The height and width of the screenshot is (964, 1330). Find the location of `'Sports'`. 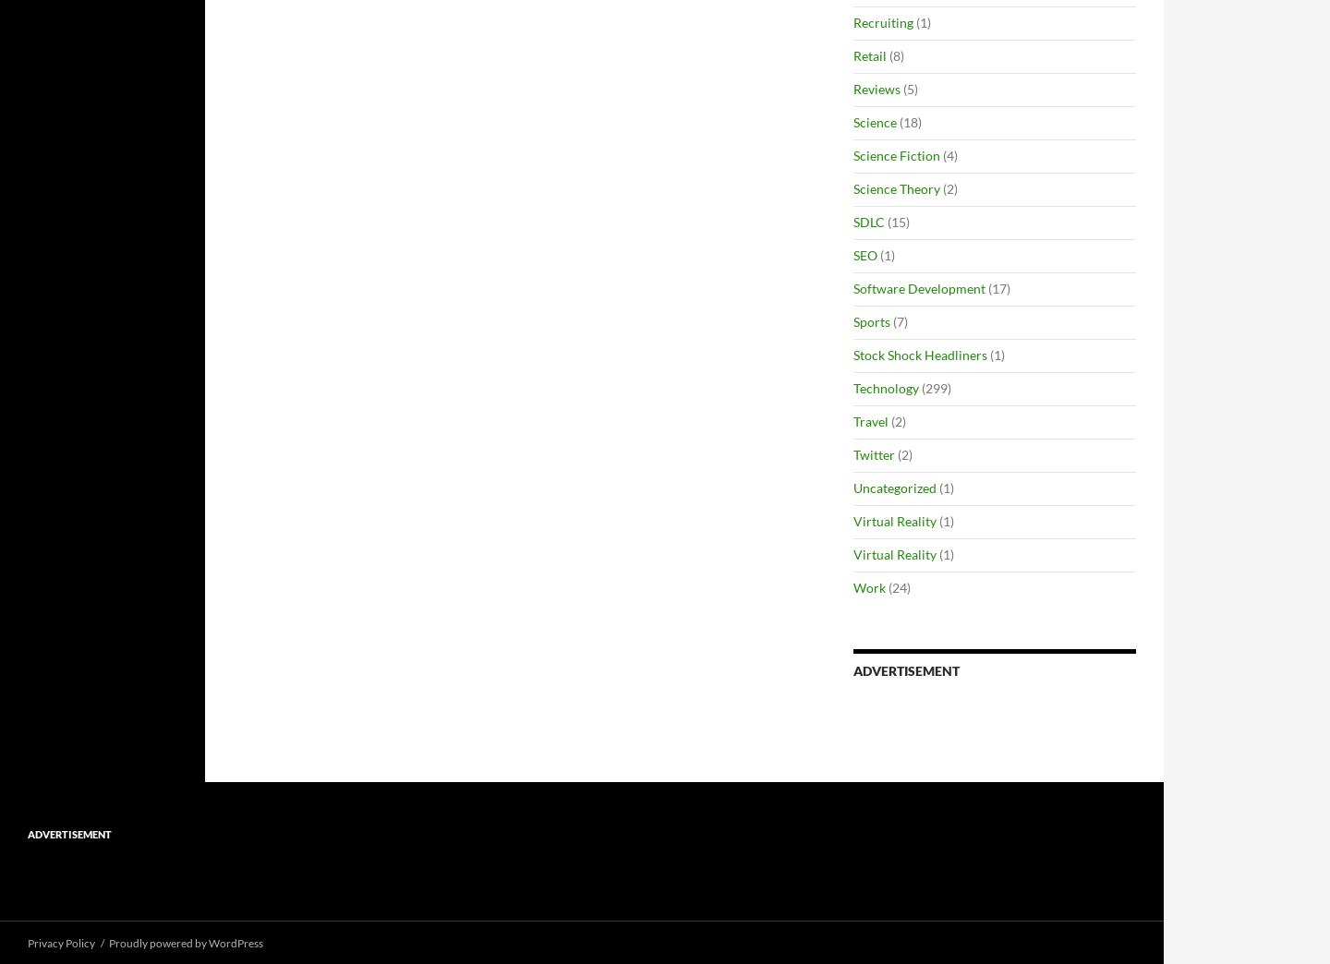

'Sports' is located at coordinates (872, 321).